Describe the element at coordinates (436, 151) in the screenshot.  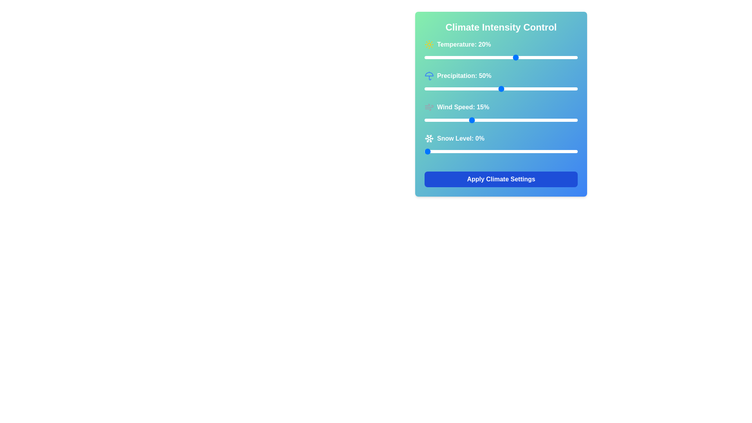
I see `the snow level` at that location.